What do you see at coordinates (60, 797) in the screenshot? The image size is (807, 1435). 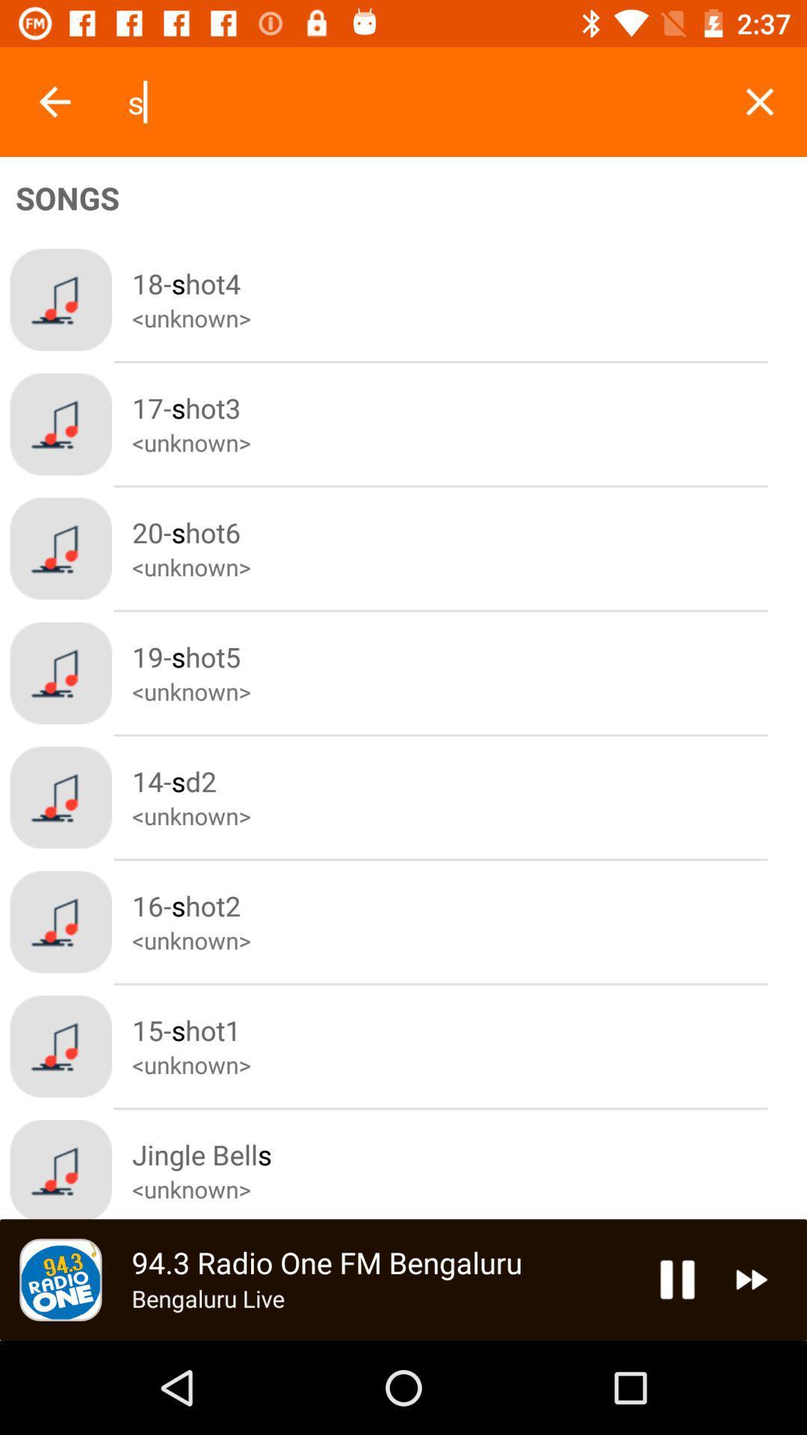 I see `the symbol which is to the left 14sd2` at bounding box center [60, 797].